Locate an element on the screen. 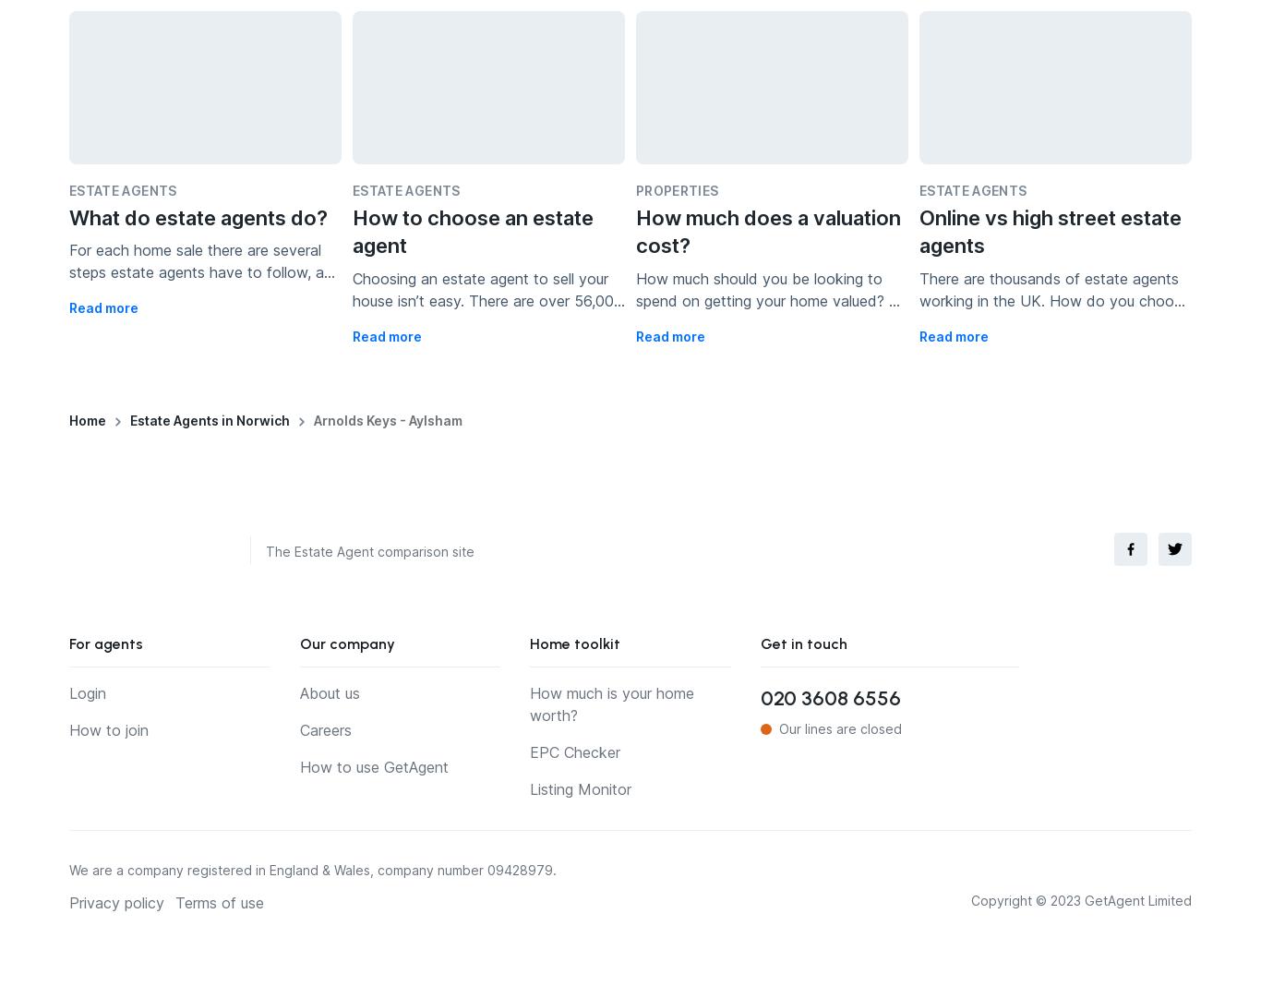 The image size is (1261, 986). 'EPC Checker' is located at coordinates (574, 751).